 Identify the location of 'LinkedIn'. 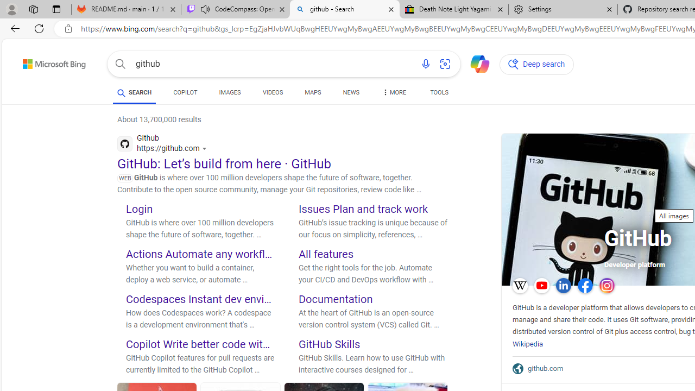
(564, 285).